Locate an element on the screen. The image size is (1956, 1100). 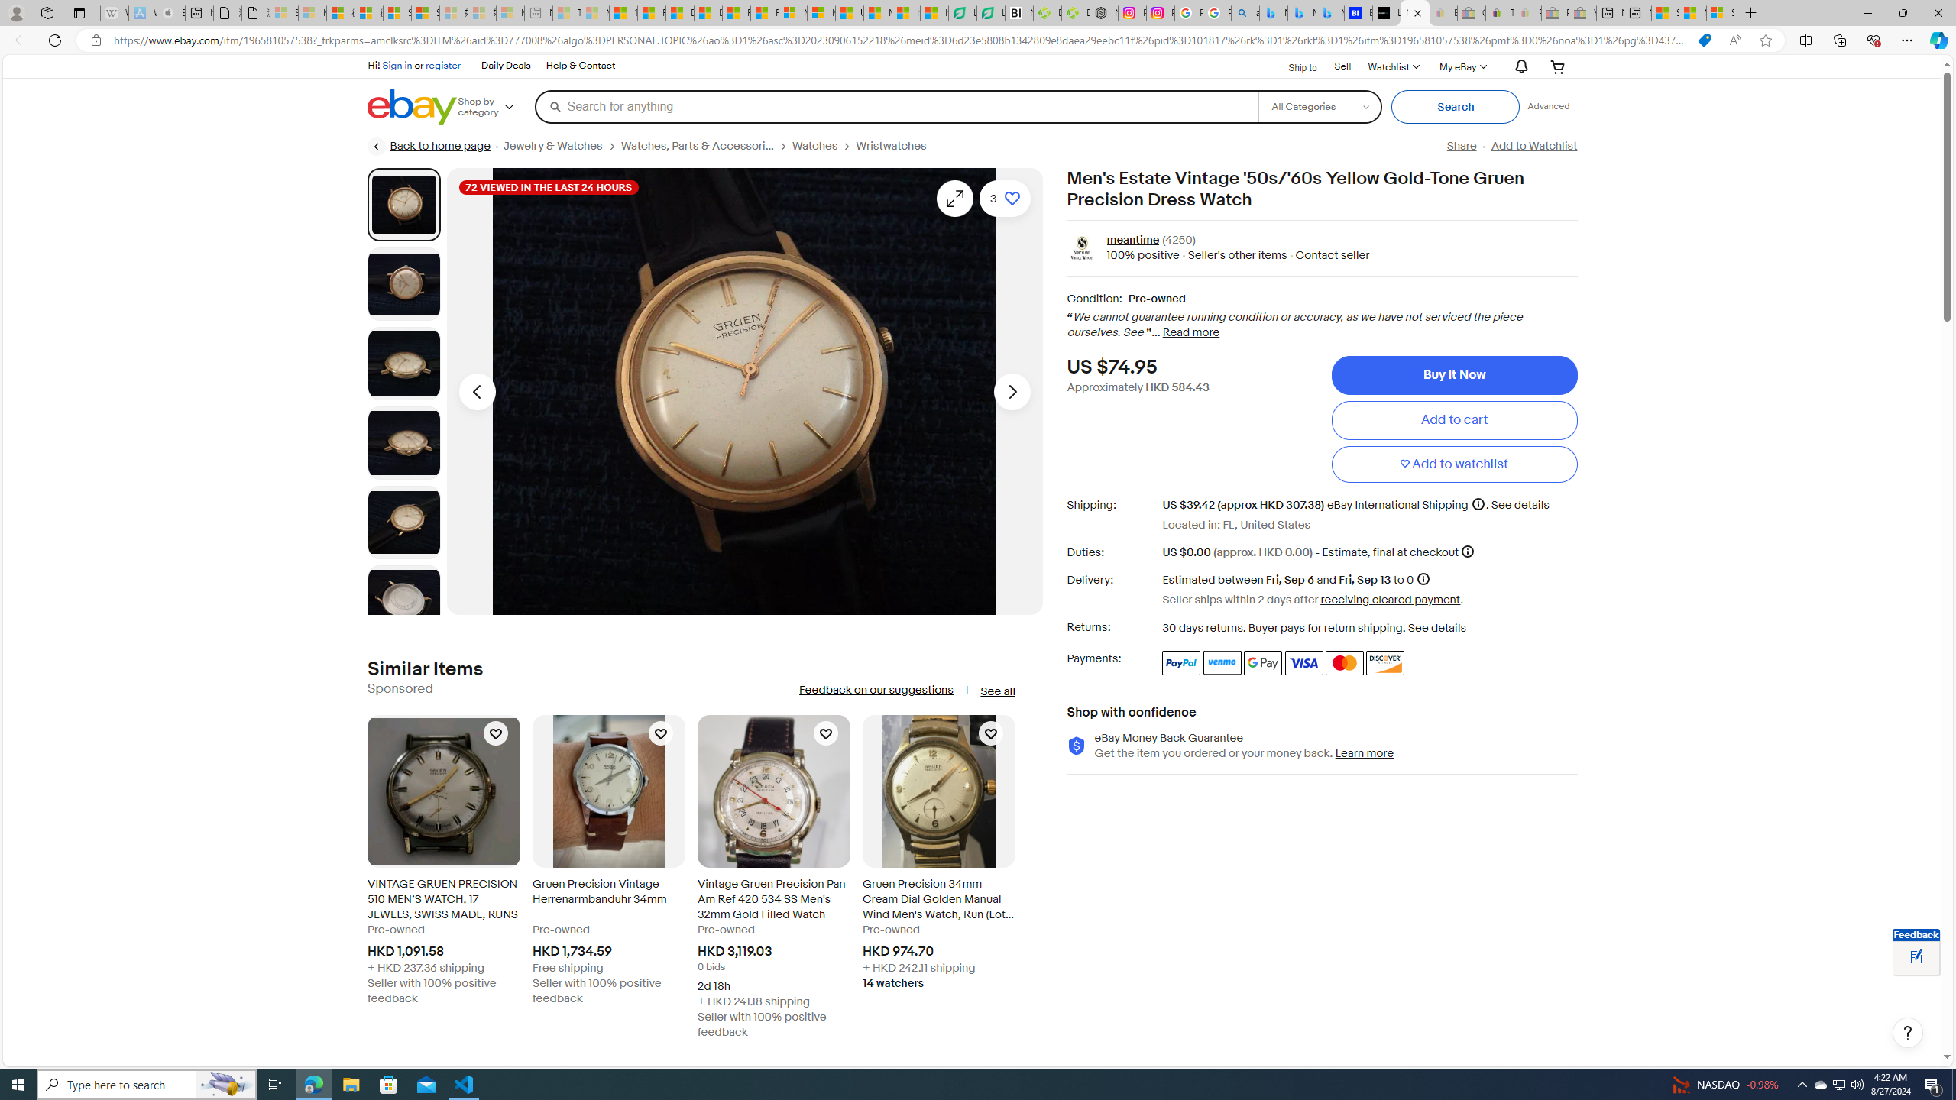
'Add to cart' is located at coordinates (1454, 419).